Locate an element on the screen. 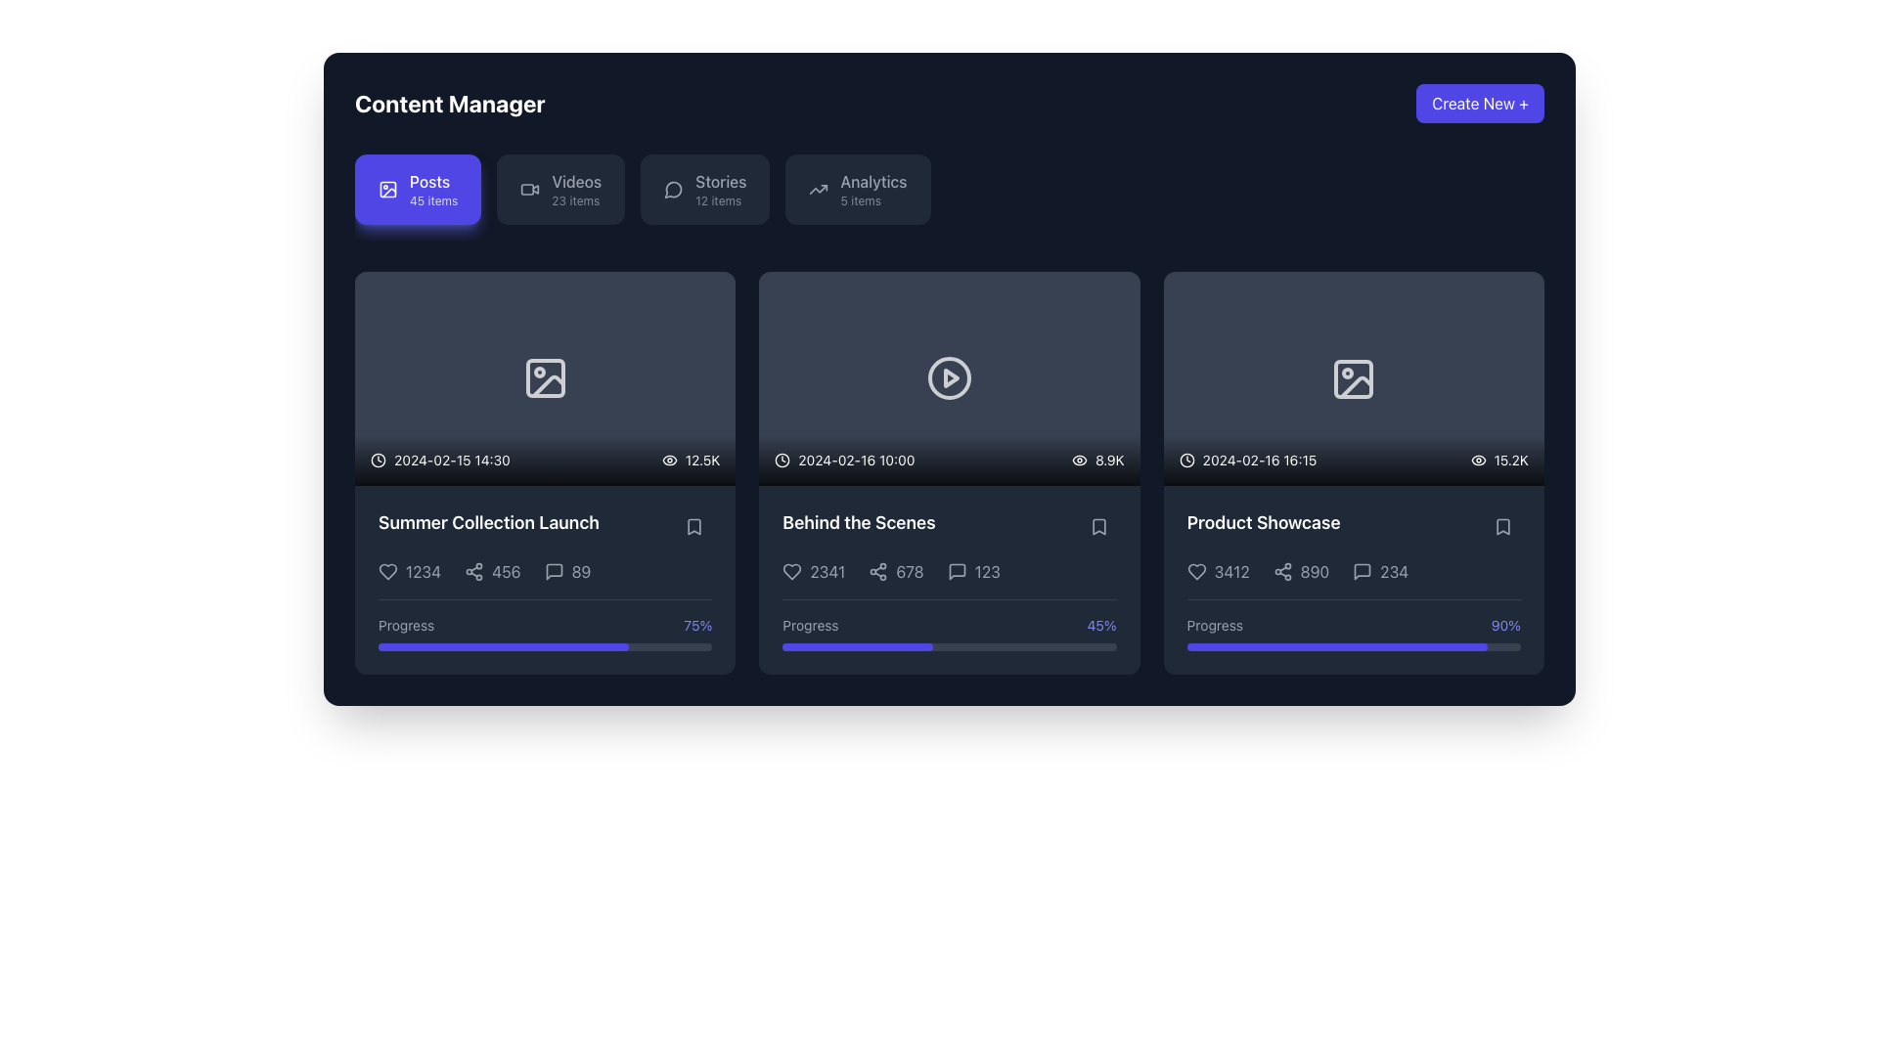 This screenshot has height=1056, width=1878. 'Posts' icon located within the button labeled 'Posts 45 items' in the upper-left section of the interface by clicking on it is located at coordinates (388, 189).